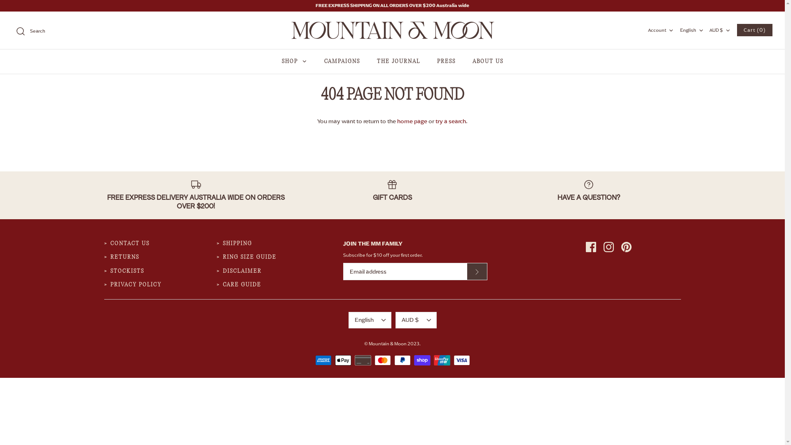  What do you see at coordinates (435, 121) in the screenshot?
I see `'try a search'` at bounding box center [435, 121].